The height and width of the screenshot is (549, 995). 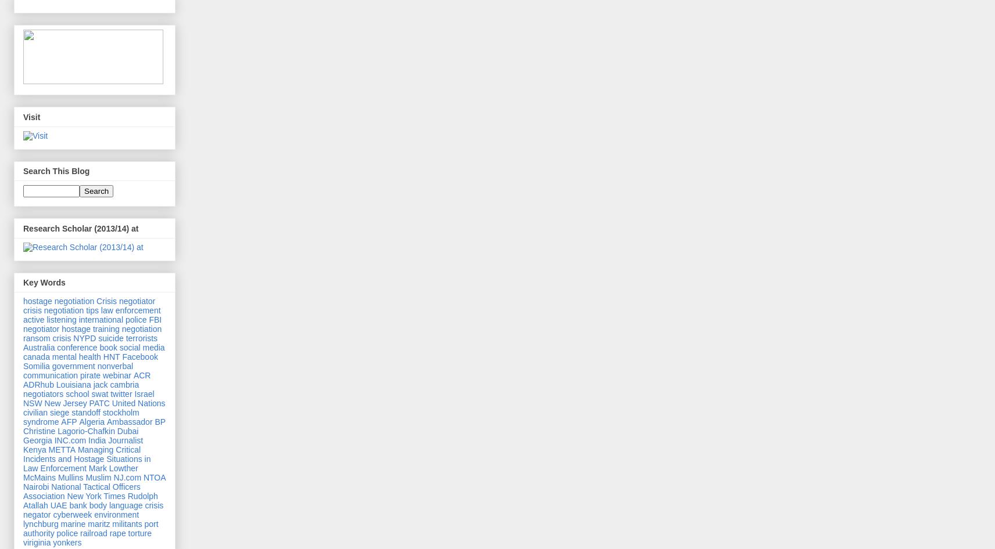 What do you see at coordinates (31, 403) in the screenshot?
I see `'NSW'` at bounding box center [31, 403].